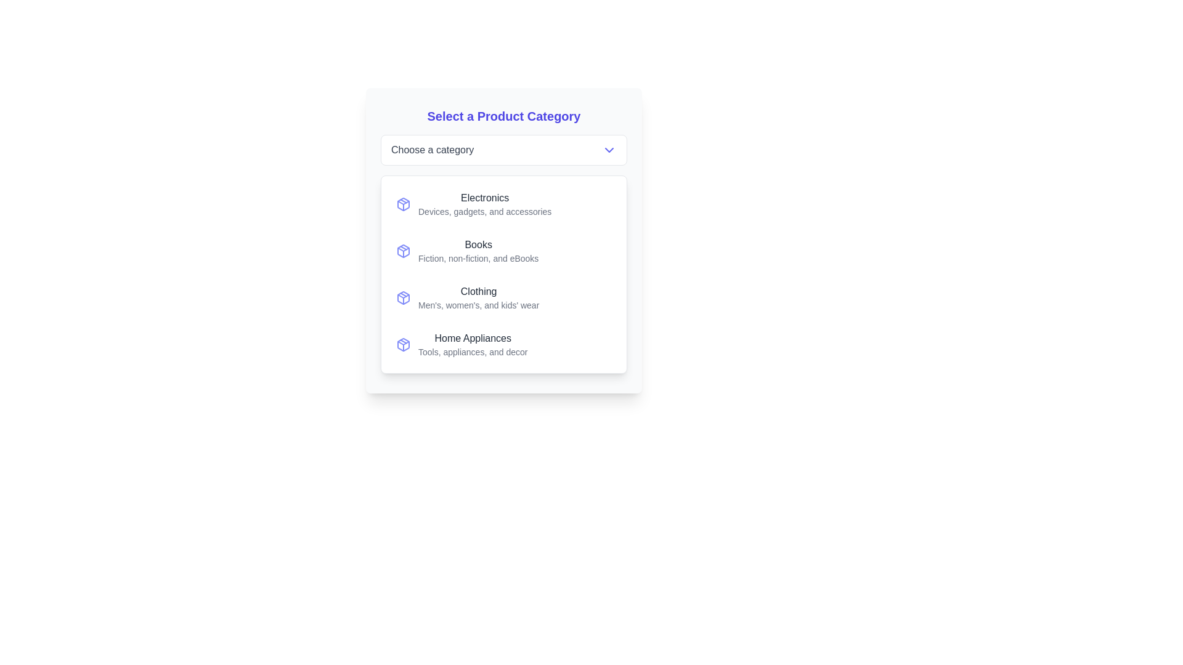 This screenshot has height=665, width=1183. What do you see at coordinates (503, 149) in the screenshot?
I see `the dropdown menu labeled 'Choose a category'` at bounding box center [503, 149].